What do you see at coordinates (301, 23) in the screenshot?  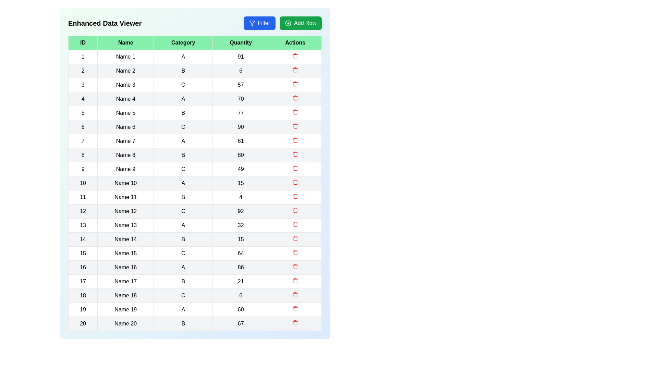 I see `the 'Add Row' button to add a new row to the table` at bounding box center [301, 23].